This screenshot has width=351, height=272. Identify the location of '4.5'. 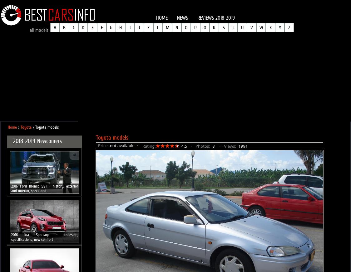
(184, 146).